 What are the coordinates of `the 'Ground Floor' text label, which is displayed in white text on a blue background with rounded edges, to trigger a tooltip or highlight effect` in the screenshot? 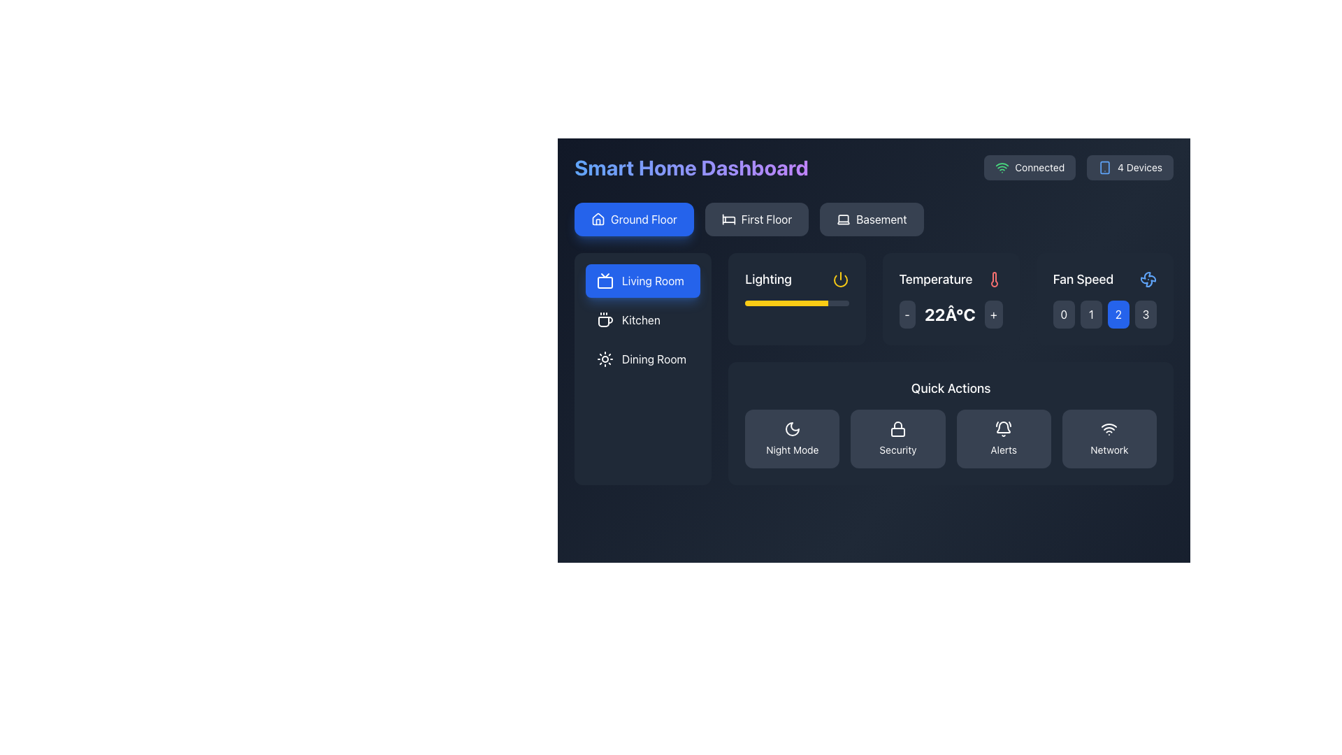 It's located at (643, 219).